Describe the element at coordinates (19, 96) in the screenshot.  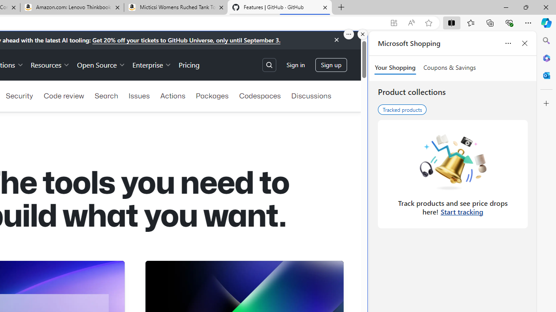
I see `'Security'` at that location.